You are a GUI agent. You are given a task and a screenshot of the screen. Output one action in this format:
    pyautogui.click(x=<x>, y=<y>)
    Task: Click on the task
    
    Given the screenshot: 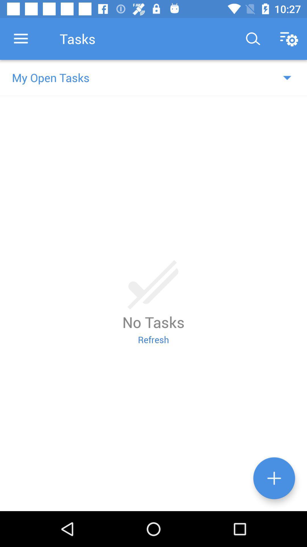 What is the action you would take?
    pyautogui.click(x=274, y=478)
    